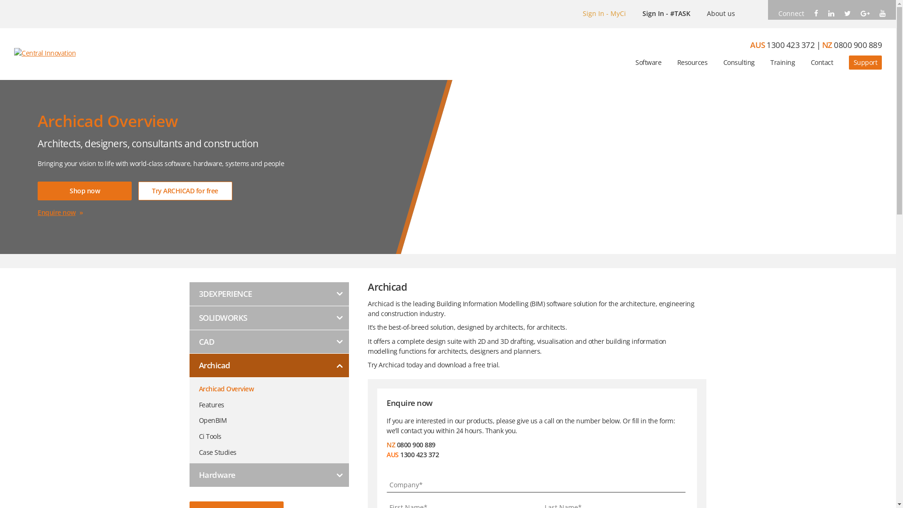 This screenshot has height=508, width=903. What do you see at coordinates (648, 62) in the screenshot?
I see `'Software'` at bounding box center [648, 62].